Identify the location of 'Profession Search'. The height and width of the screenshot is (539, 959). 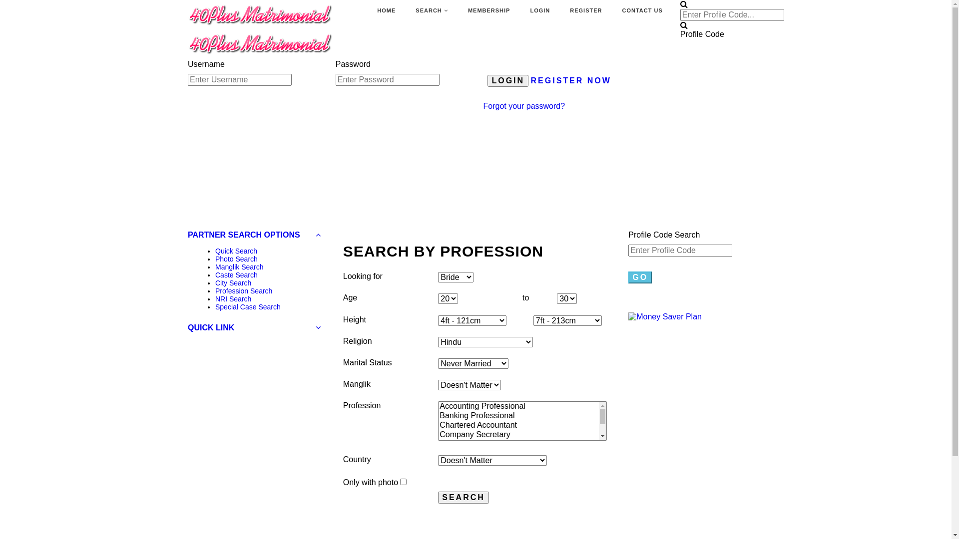
(215, 290).